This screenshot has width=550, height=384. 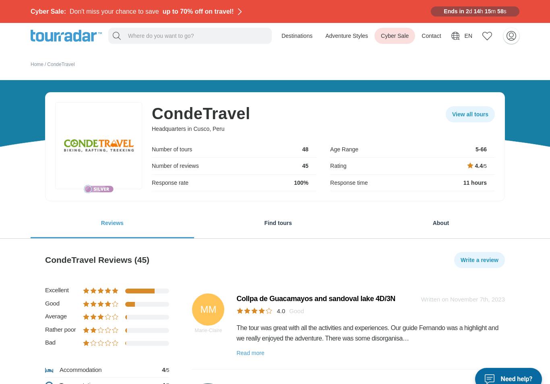 What do you see at coordinates (281, 35) in the screenshot?
I see `'Destinations'` at bounding box center [281, 35].